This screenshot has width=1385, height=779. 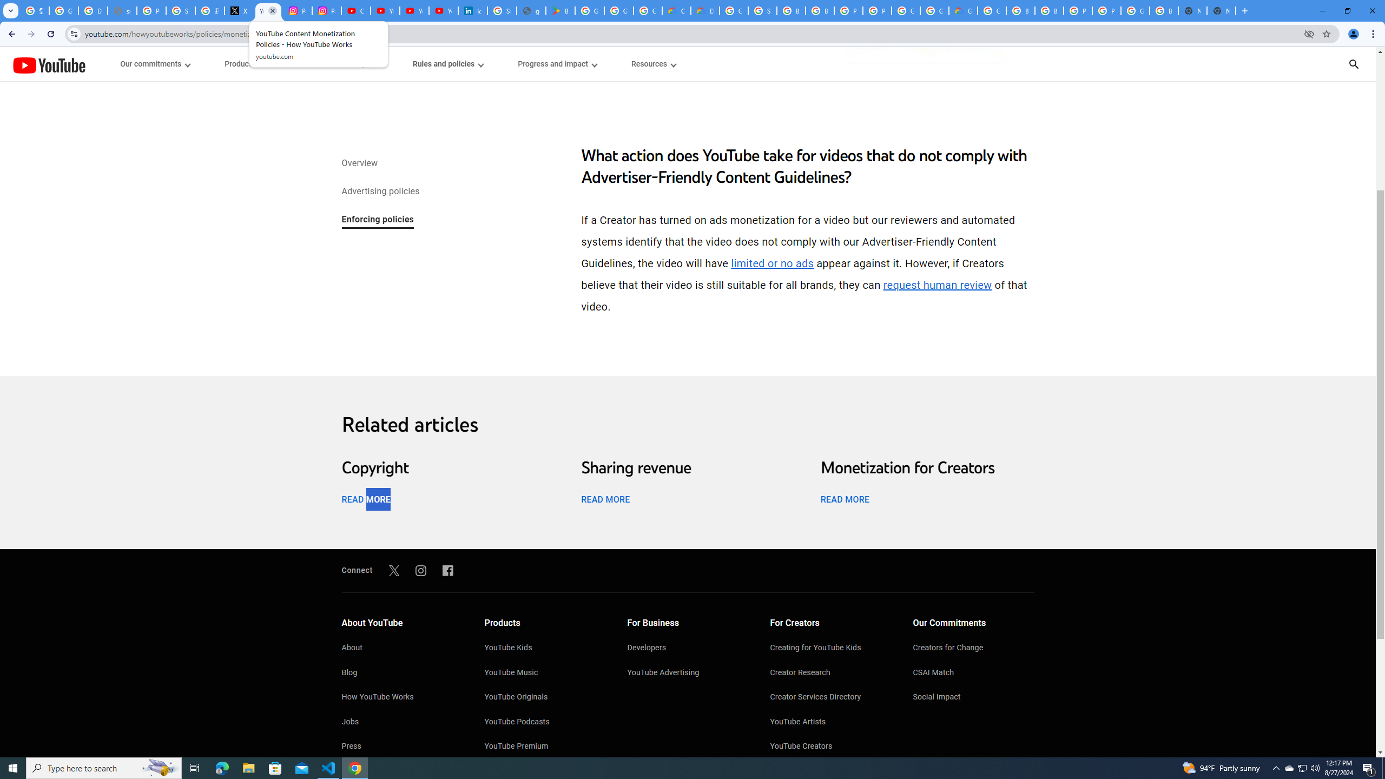 I want to click on 'Bluey: Let', so click(x=560, y=10).